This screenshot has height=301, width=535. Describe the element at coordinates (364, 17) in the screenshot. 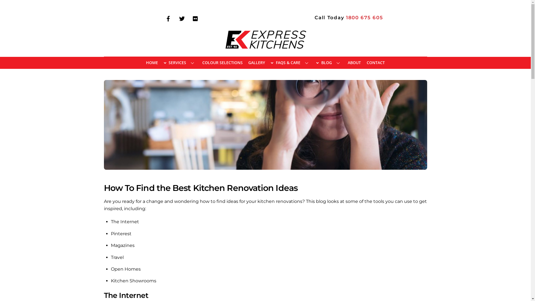

I see `'1800 675 605'` at that location.